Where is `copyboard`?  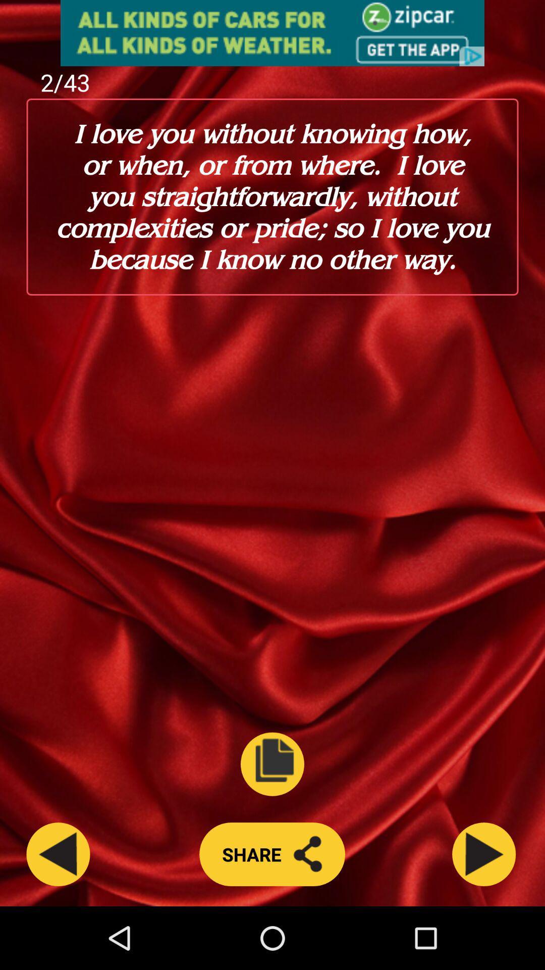
copyboard is located at coordinates (272, 764).